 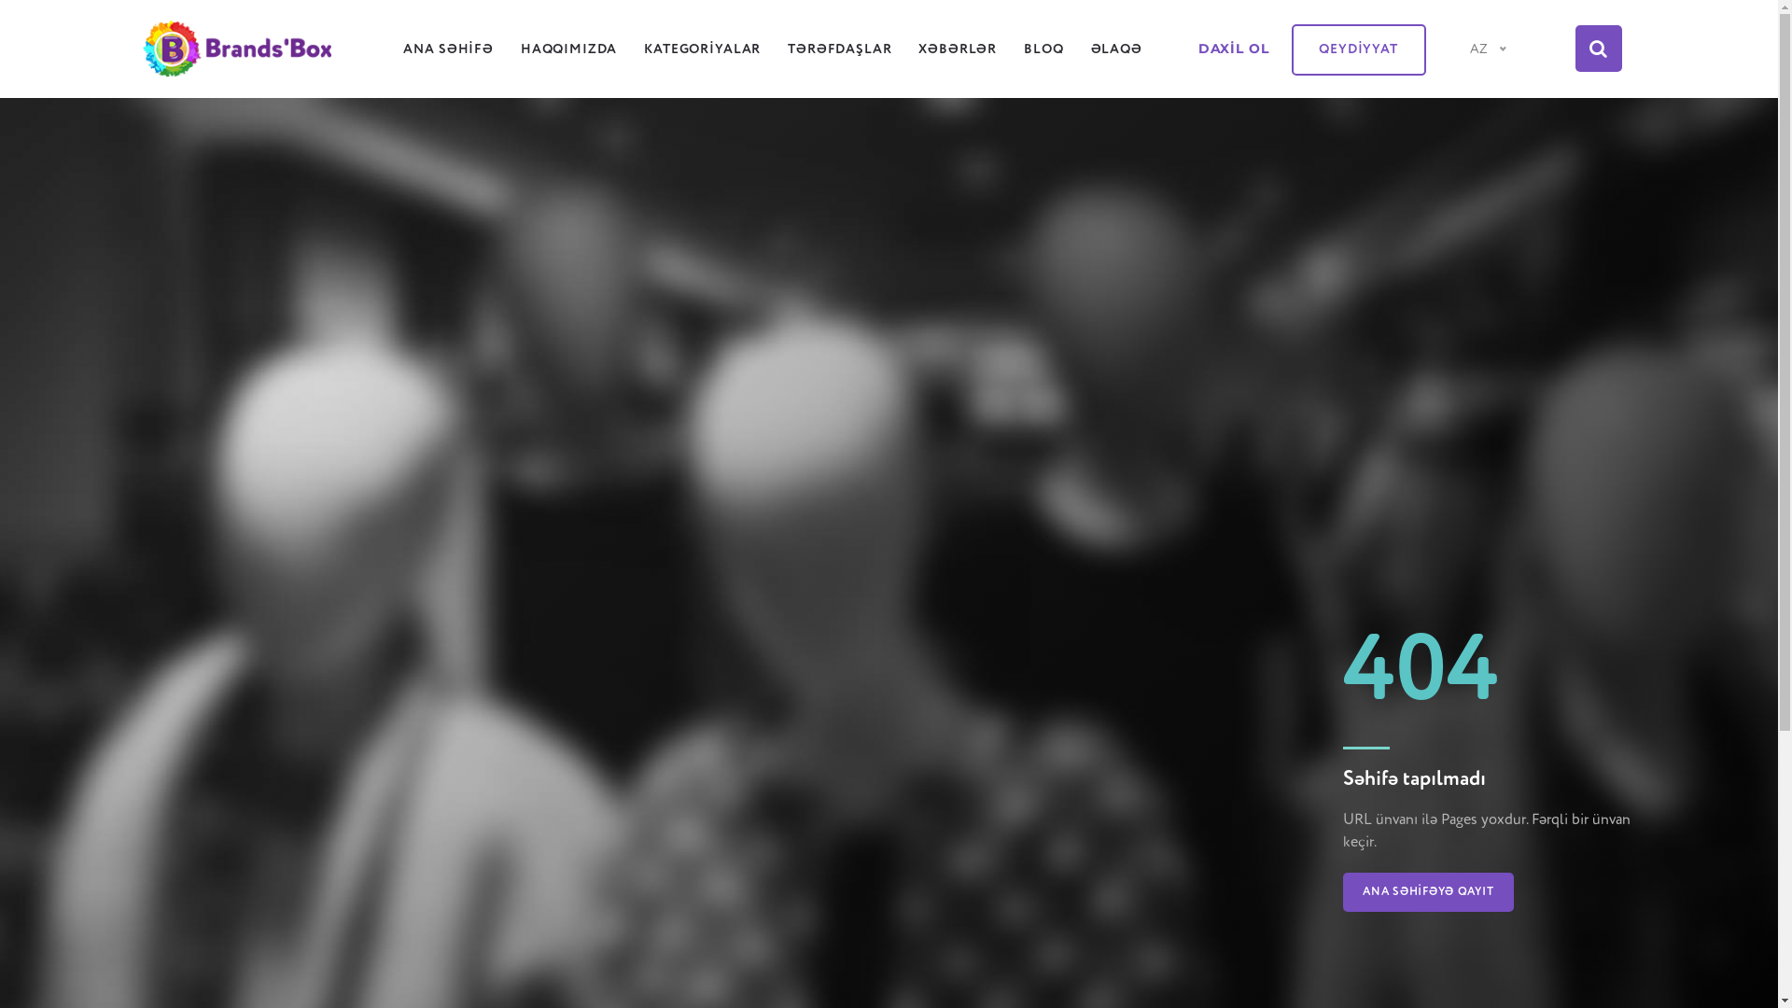 I want to click on 'HAQQIMIZDA', so click(x=567, y=53).